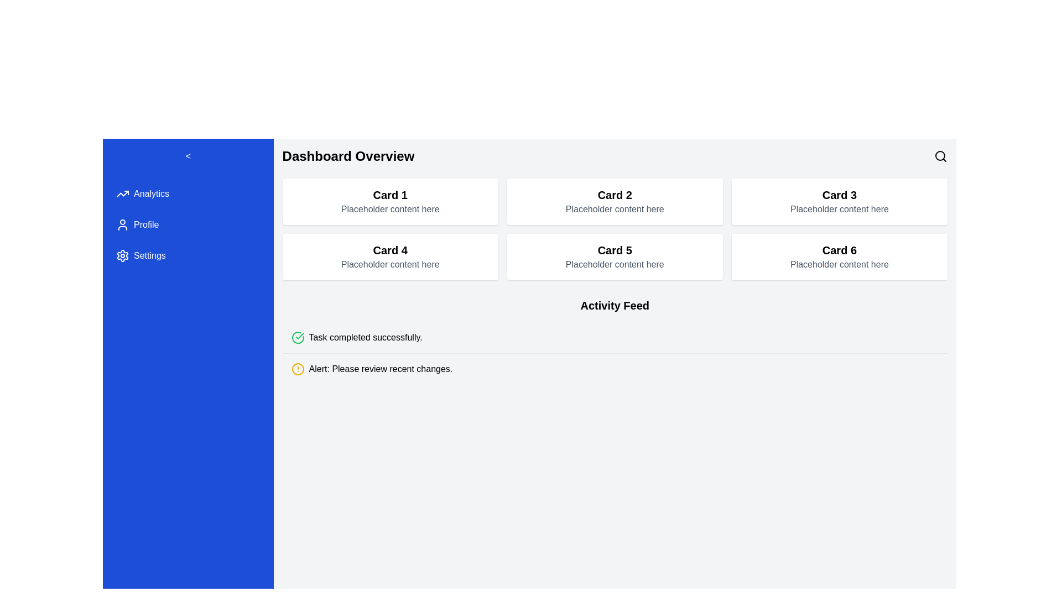  Describe the element at coordinates (122, 255) in the screenshot. I see `the gear-shaped icon representing settings, located next to the text 'Settings' in the vertical navigation menu` at that location.